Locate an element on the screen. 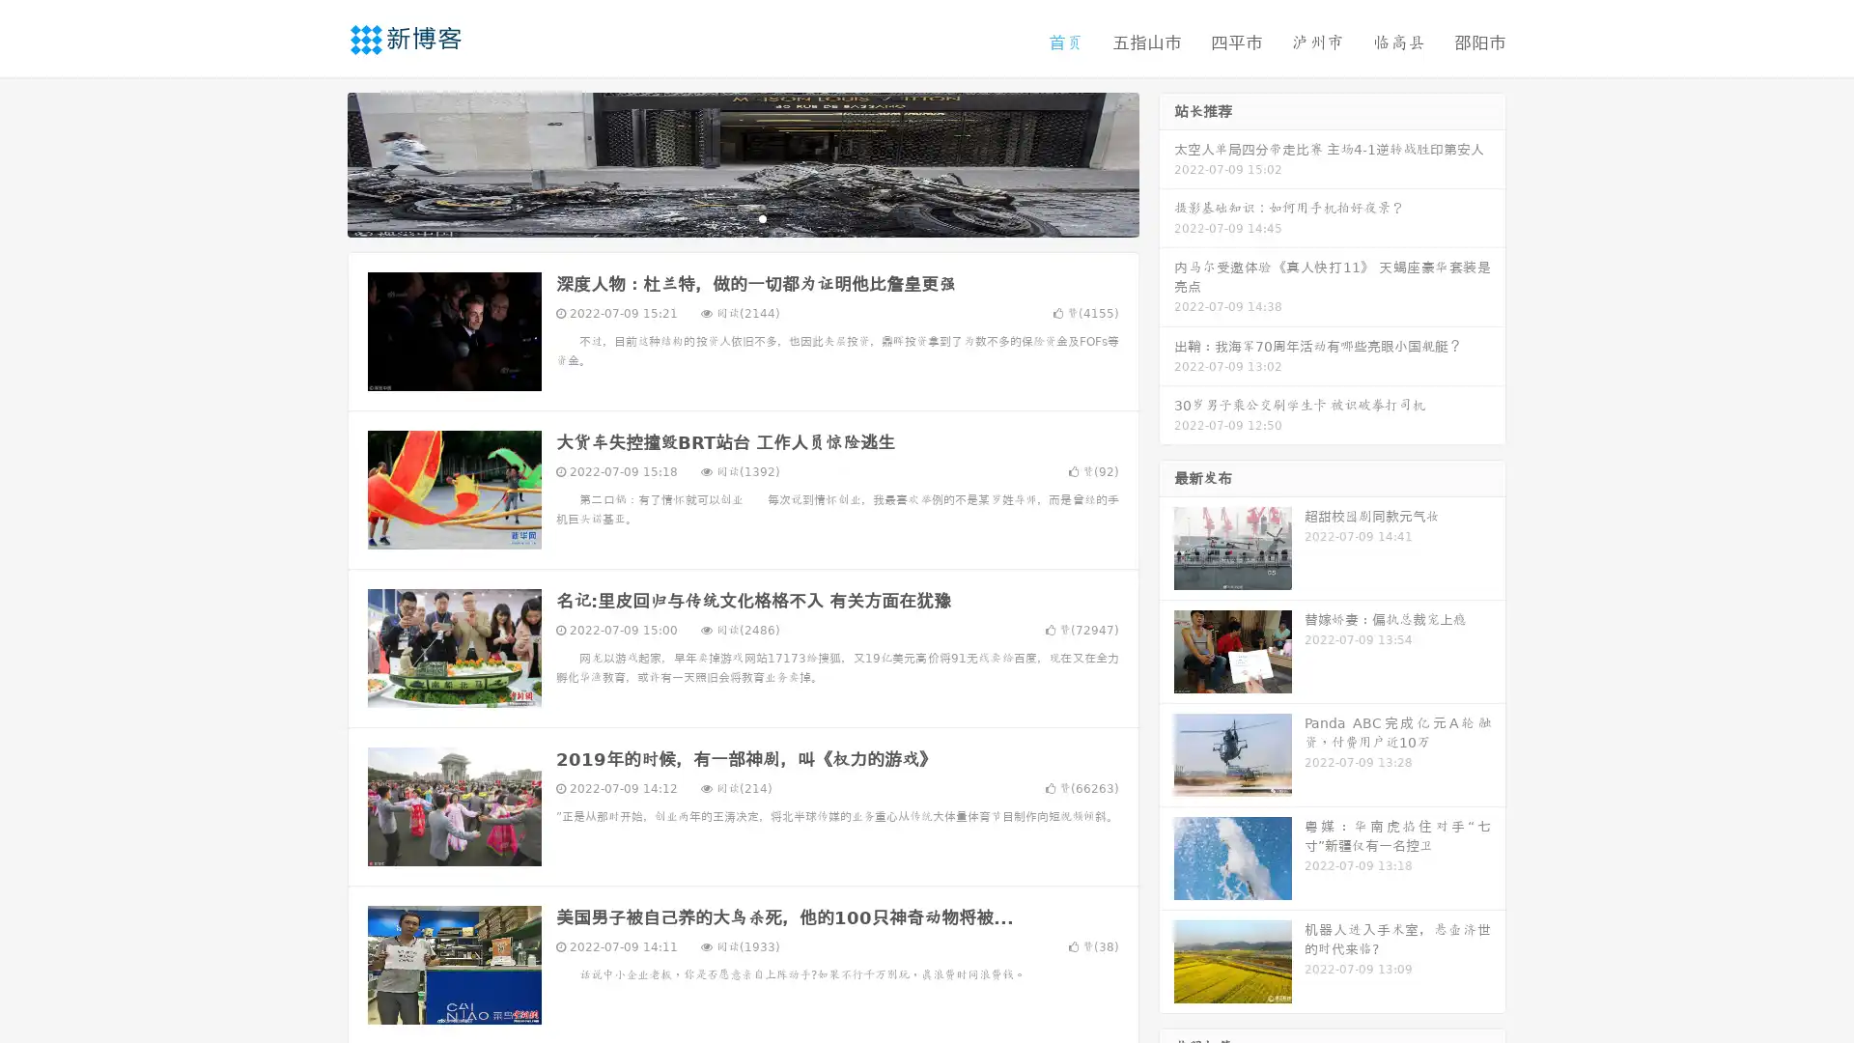 The height and width of the screenshot is (1043, 1854). Next slide is located at coordinates (1166, 162).